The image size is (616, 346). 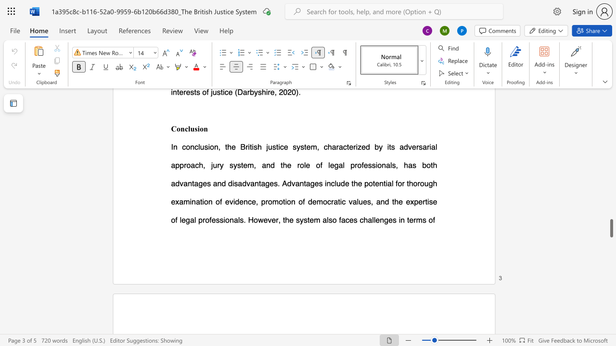 What do you see at coordinates (611, 158) in the screenshot?
I see `the scrollbar on the right to shift the page higher` at bounding box center [611, 158].